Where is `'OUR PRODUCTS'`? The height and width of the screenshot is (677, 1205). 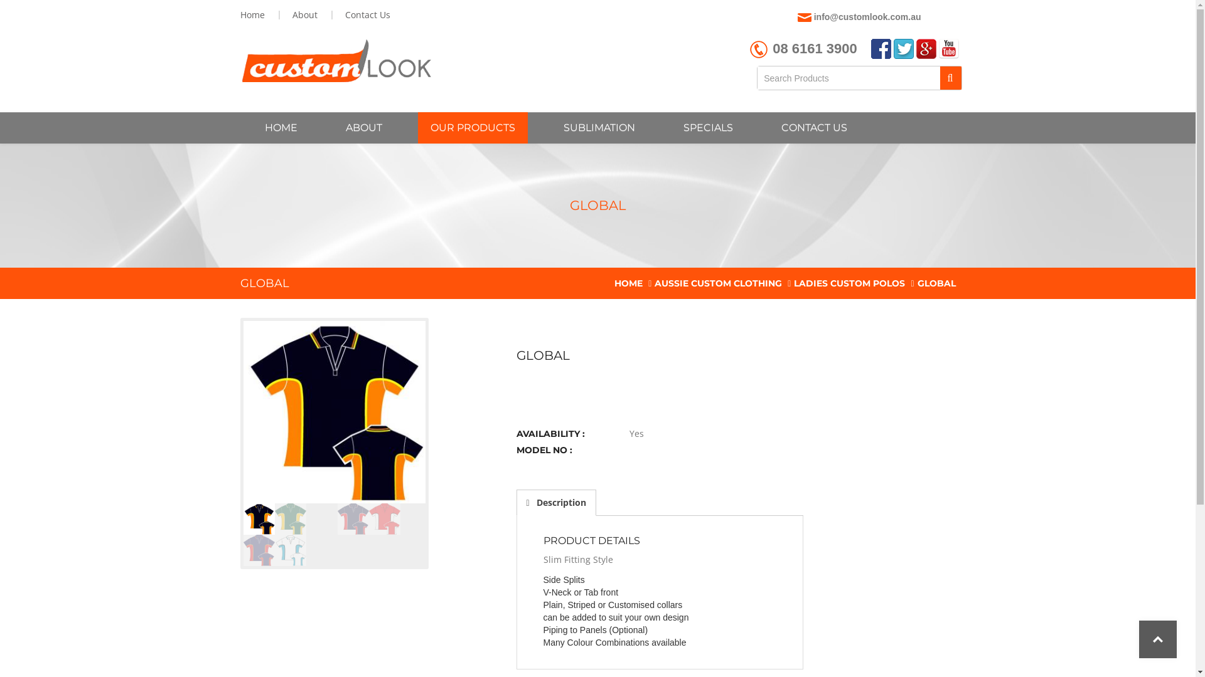
'OUR PRODUCTS' is located at coordinates (472, 128).